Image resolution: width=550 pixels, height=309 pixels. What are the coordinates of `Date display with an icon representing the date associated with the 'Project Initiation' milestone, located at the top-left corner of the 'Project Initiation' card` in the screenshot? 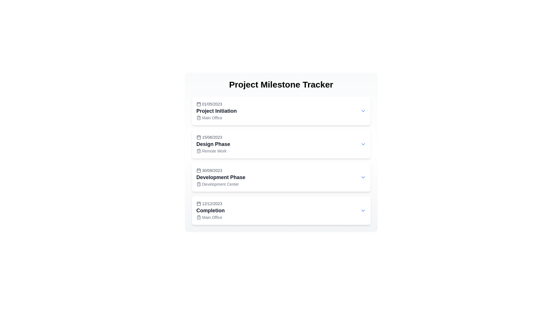 It's located at (216, 104).